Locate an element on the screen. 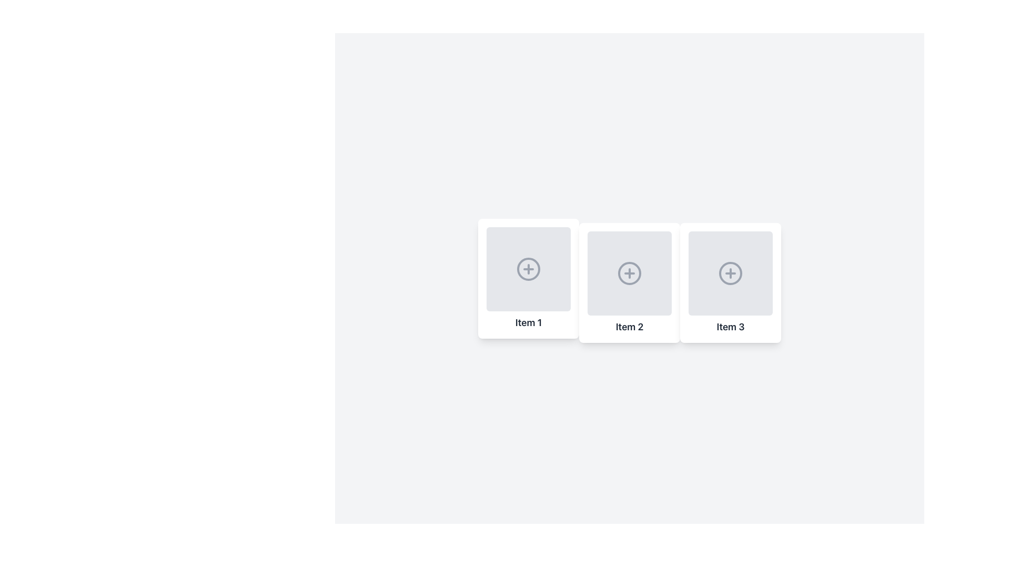  the circular icon with a gray border and plus sign in the center of the 'Item 3' card is located at coordinates (730, 272).